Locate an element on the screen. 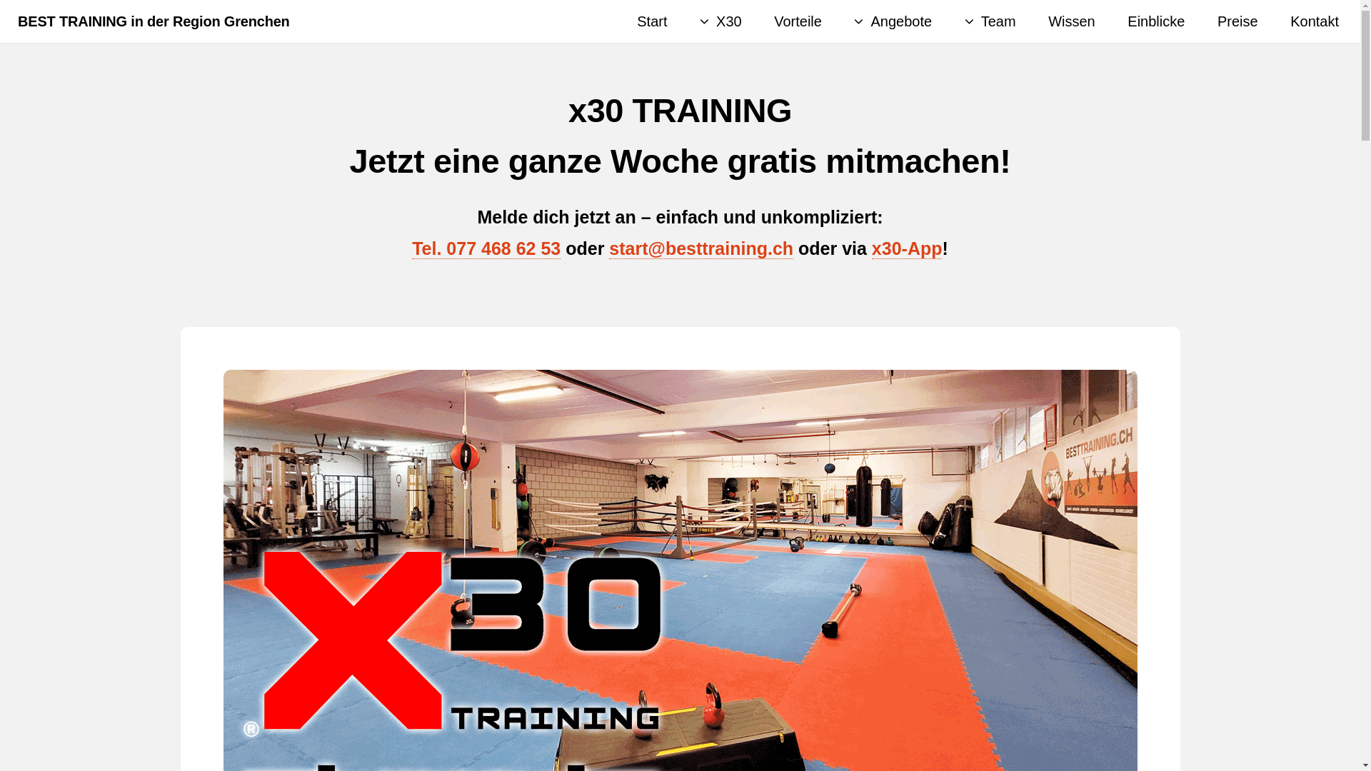 Image resolution: width=1371 pixels, height=771 pixels. 'Start' is located at coordinates (651, 21).